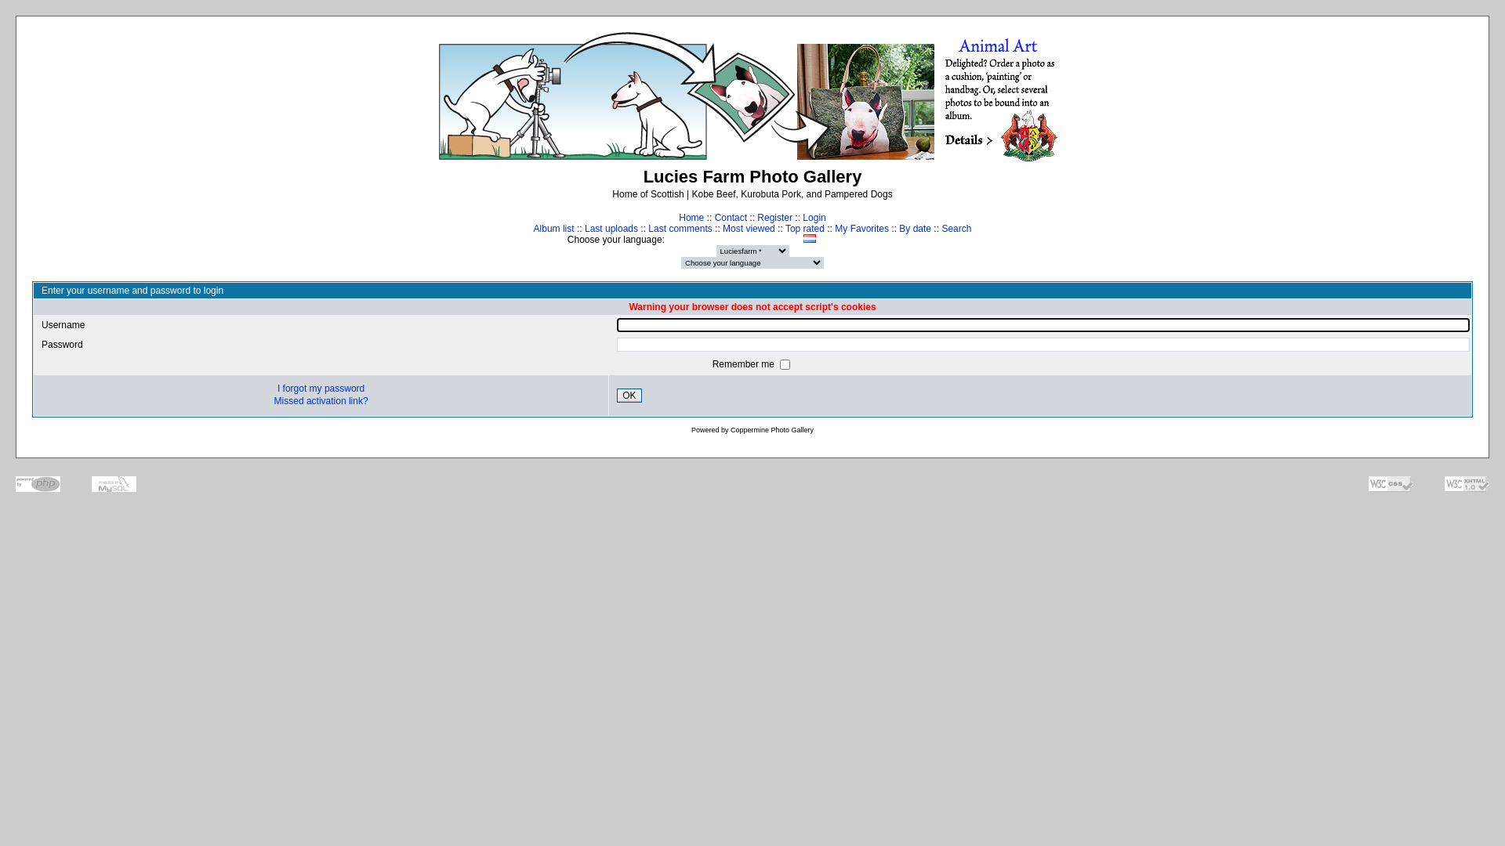 This screenshot has height=846, width=1505. What do you see at coordinates (320, 388) in the screenshot?
I see `'I forgot my password'` at bounding box center [320, 388].